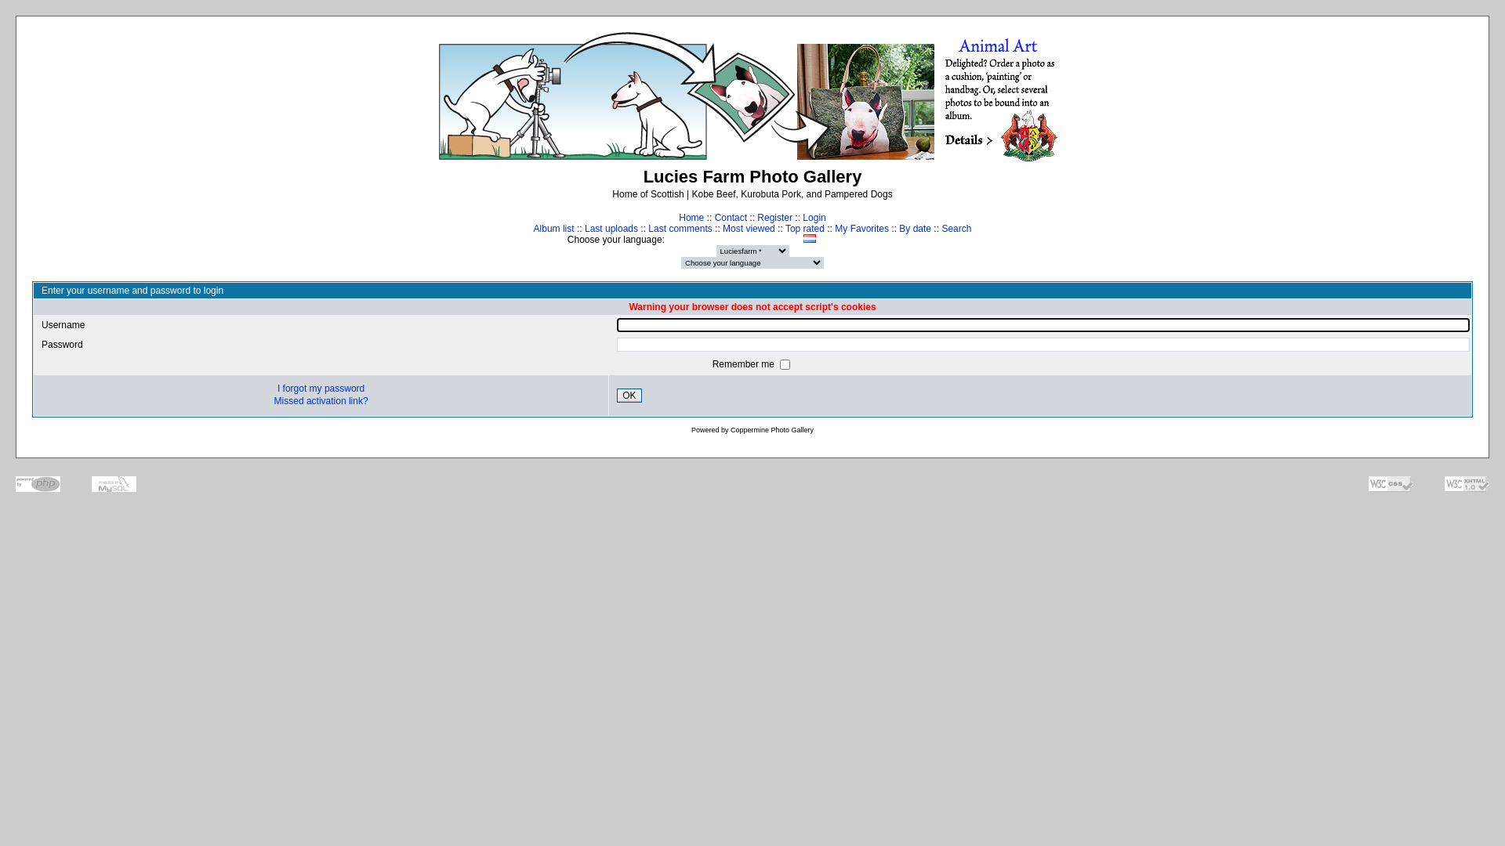 This screenshot has height=846, width=1505. What do you see at coordinates (320, 388) in the screenshot?
I see `'I forgot my password'` at bounding box center [320, 388].